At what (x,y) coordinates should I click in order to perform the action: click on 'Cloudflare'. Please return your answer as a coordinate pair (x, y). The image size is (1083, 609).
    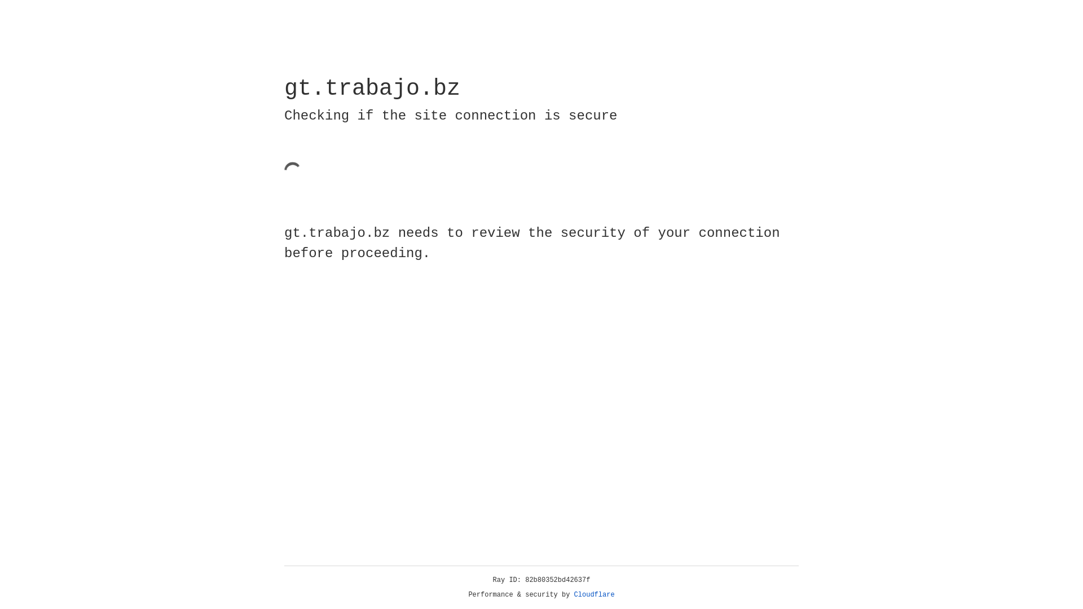
    Looking at the image, I should click on (594, 594).